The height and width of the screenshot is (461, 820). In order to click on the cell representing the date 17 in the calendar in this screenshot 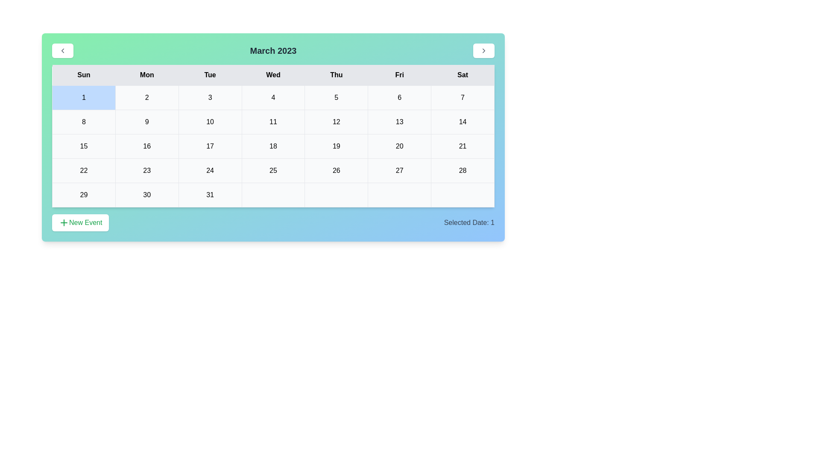, I will do `click(210, 146)`.